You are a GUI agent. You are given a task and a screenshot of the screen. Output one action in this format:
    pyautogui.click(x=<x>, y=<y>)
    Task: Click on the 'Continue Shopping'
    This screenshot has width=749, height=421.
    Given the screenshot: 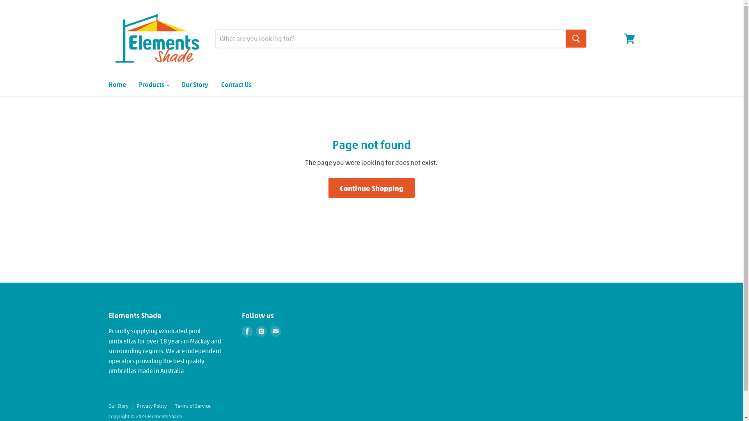 What is the action you would take?
    pyautogui.click(x=371, y=188)
    